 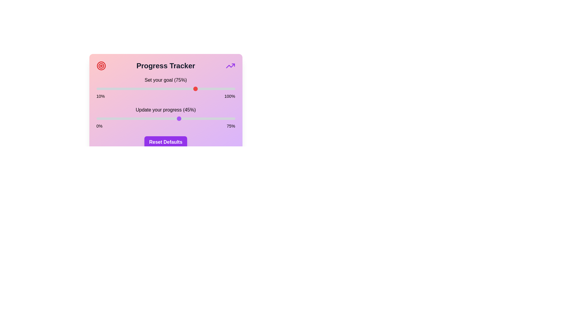 What do you see at coordinates (225, 118) in the screenshot?
I see `the 'Update your progress' slider to set the progress to 70%` at bounding box center [225, 118].